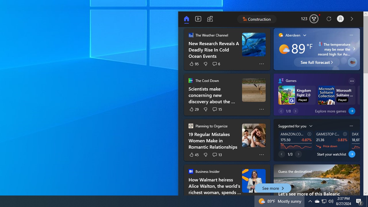  What do you see at coordinates (298, 95) in the screenshot?
I see `'Kingdom Fight 2.0Kingdom Fight 2.0 Played Play'` at bounding box center [298, 95].